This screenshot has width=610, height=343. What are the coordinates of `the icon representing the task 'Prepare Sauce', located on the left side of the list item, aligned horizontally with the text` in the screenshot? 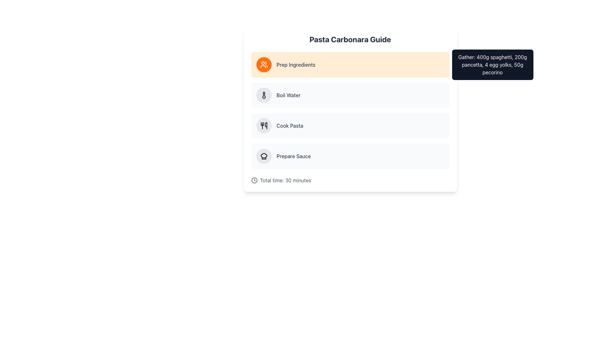 It's located at (264, 156).